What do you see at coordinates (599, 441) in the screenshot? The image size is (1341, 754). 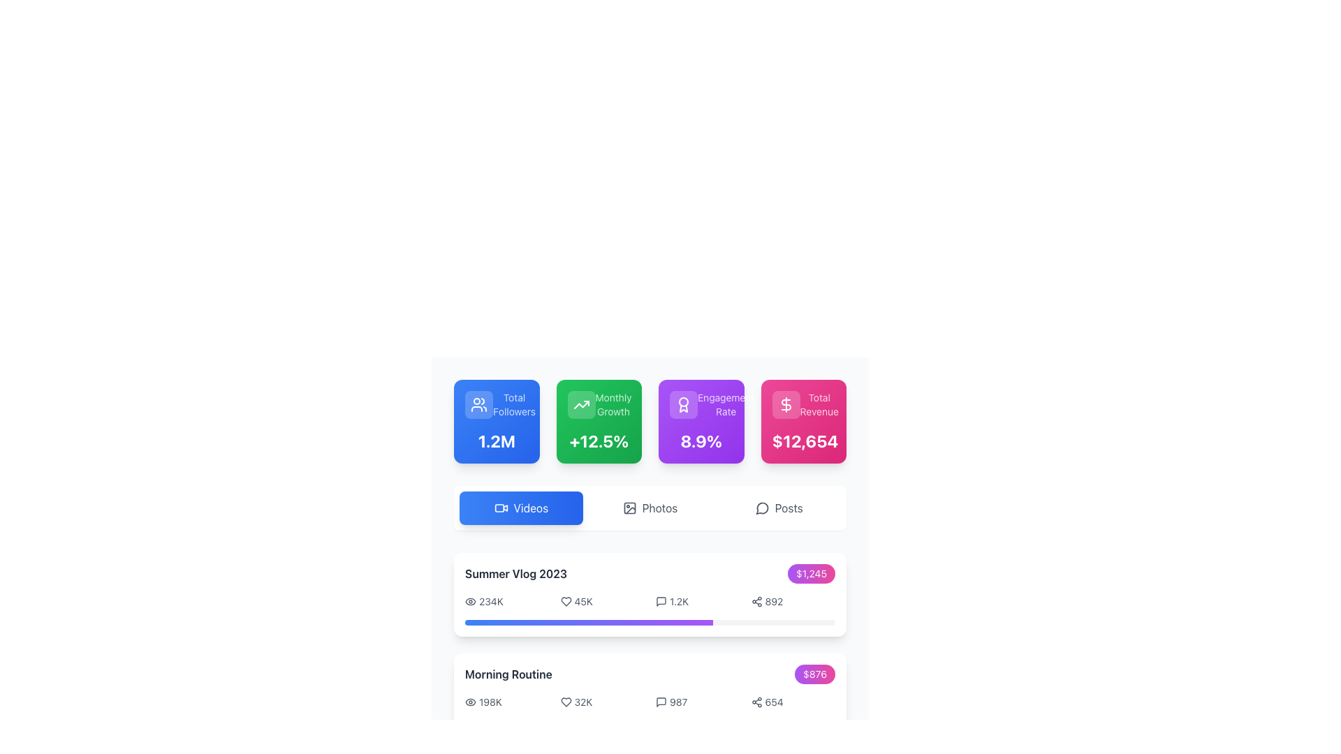 I see `the Text Label displaying a key metric or statistic, located in the second column of a card with a green gradient background` at bounding box center [599, 441].